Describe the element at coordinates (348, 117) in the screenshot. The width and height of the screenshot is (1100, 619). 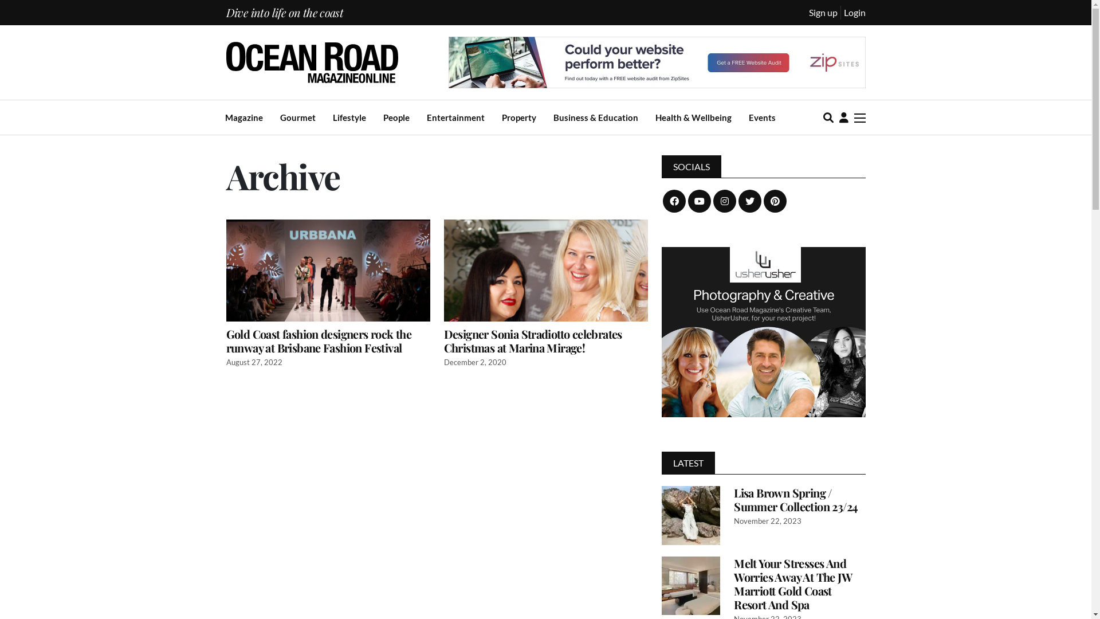
I see `'Lifestyle'` at that location.